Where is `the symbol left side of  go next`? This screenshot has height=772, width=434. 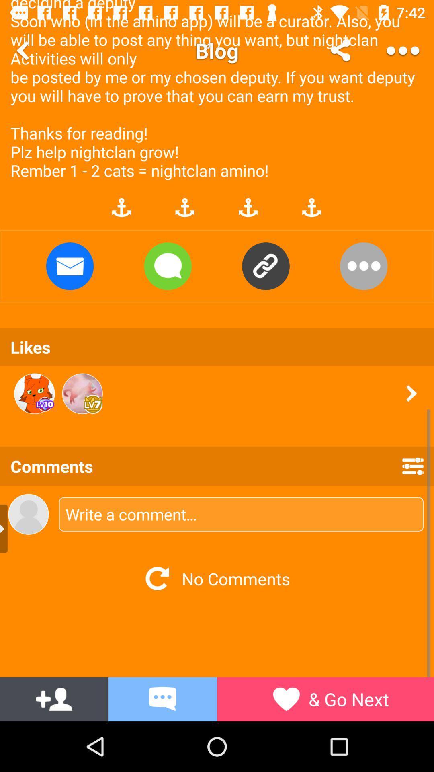
the symbol left side of  go next is located at coordinates (286, 698).